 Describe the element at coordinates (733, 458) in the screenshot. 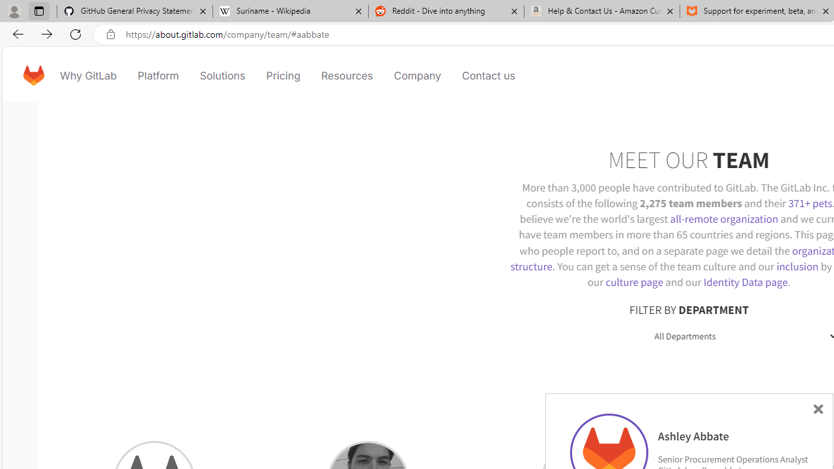

I see `'Senior Procurement Operations Analyst'` at that location.